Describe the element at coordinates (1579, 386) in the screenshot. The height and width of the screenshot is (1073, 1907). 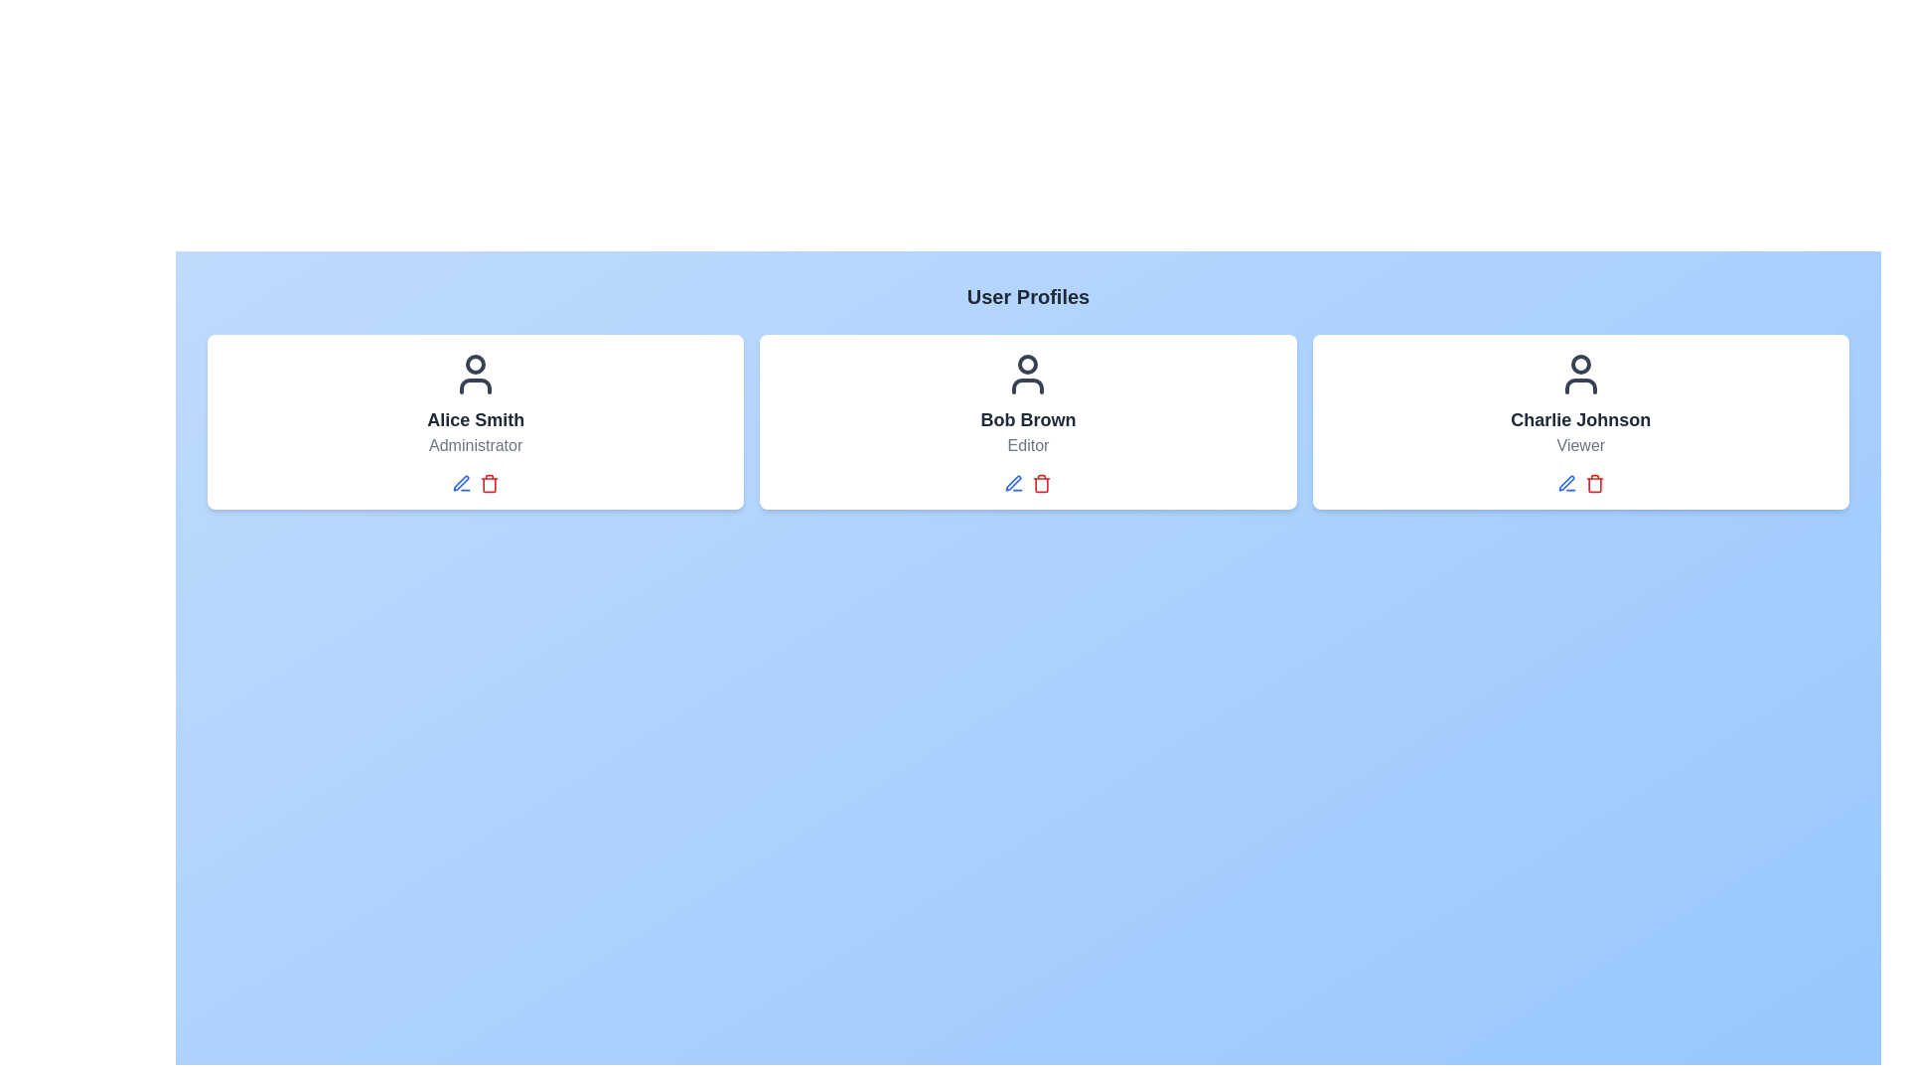
I see `the lower part of the user silhouette icon representing 'Charlie Johnson' in the profile card` at that location.